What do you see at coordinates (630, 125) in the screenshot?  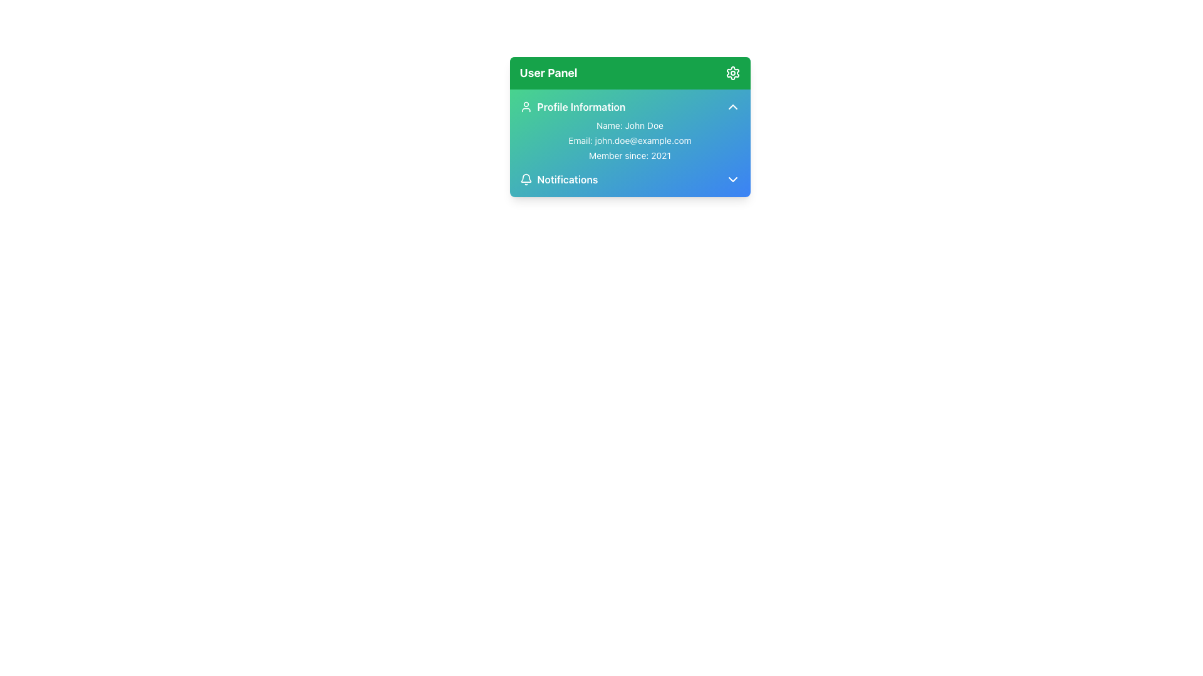 I see `the static text label displaying 'Name: John Doe' in the 'Profile Information' section, which is the first item above the 'Email' and 'Member since' labels` at bounding box center [630, 125].